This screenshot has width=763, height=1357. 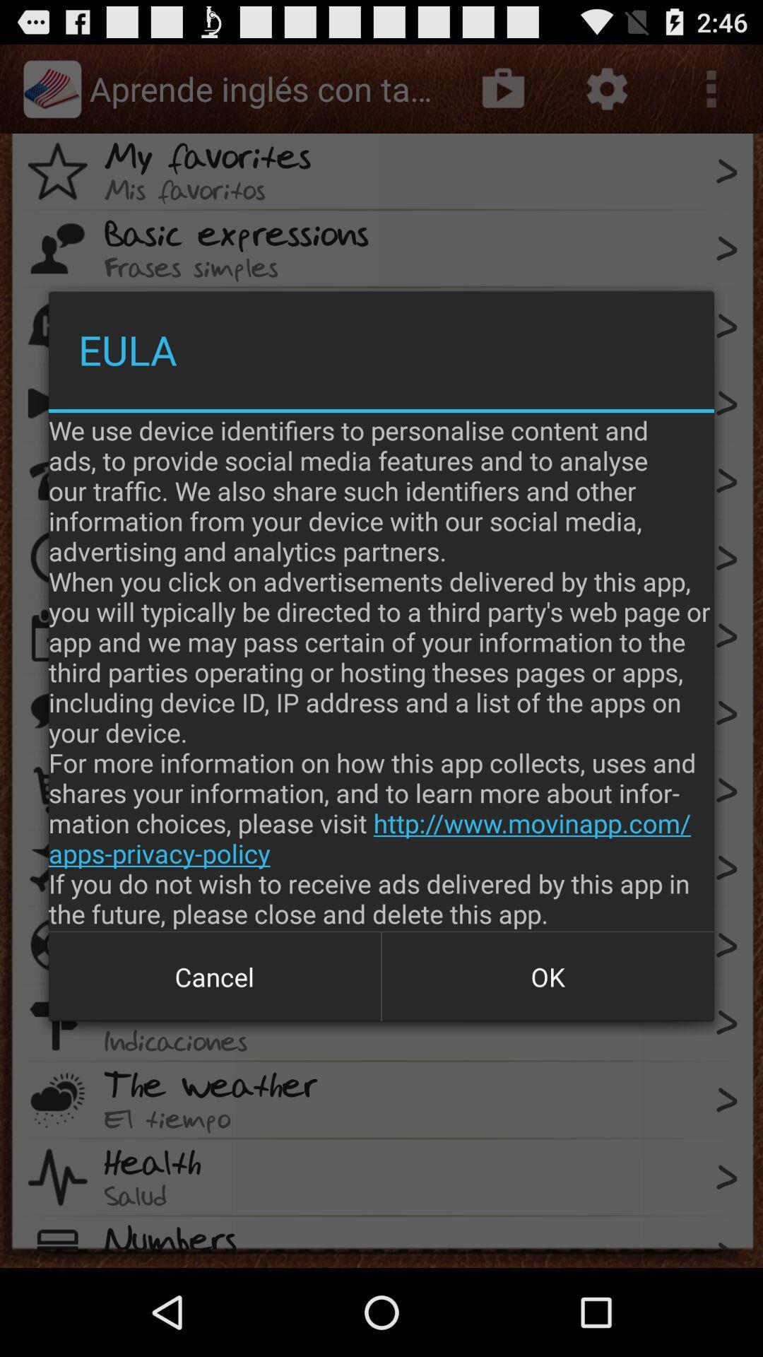 What do you see at coordinates (547, 976) in the screenshot?
I see `item next to cancel icon` at bounding box center [547, 976].